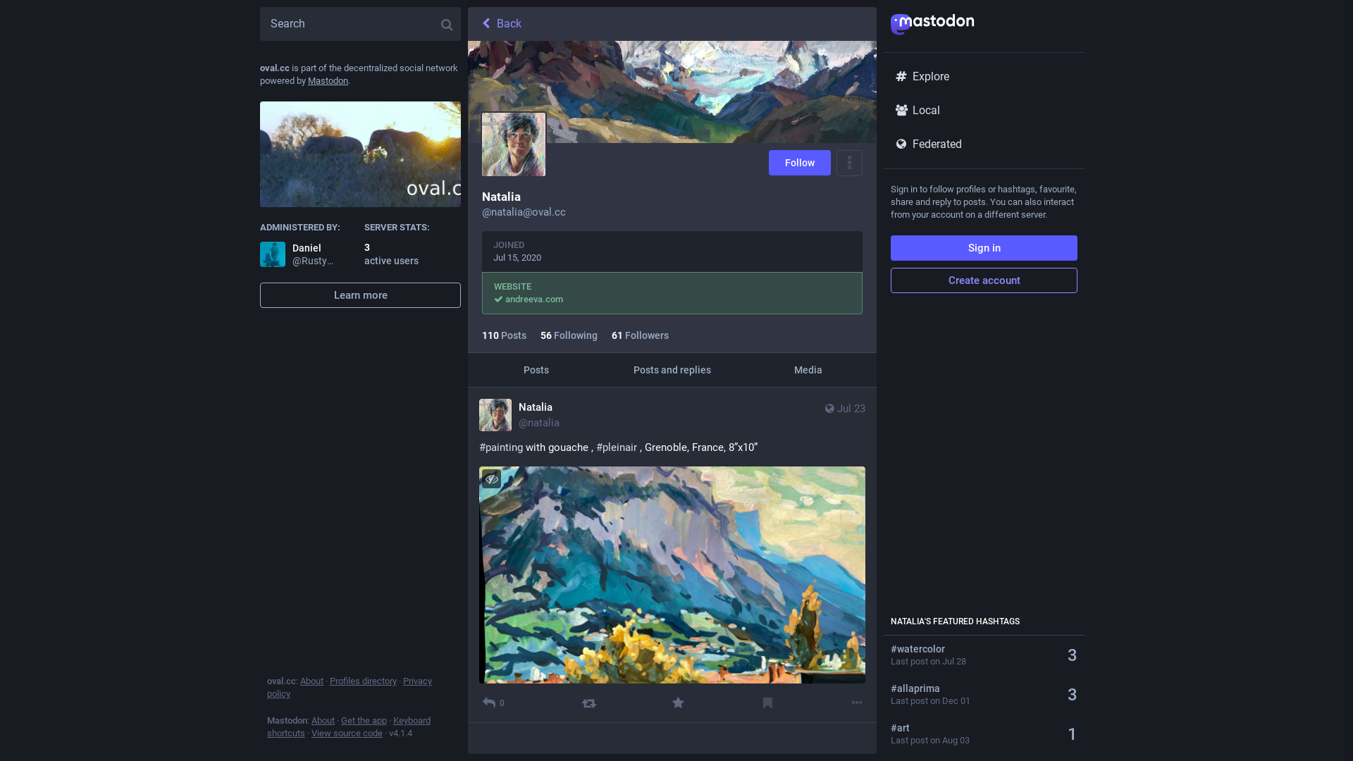 This screenshot has height=761, width=1353. I want to click on 'Natalia, so click(519, 414).